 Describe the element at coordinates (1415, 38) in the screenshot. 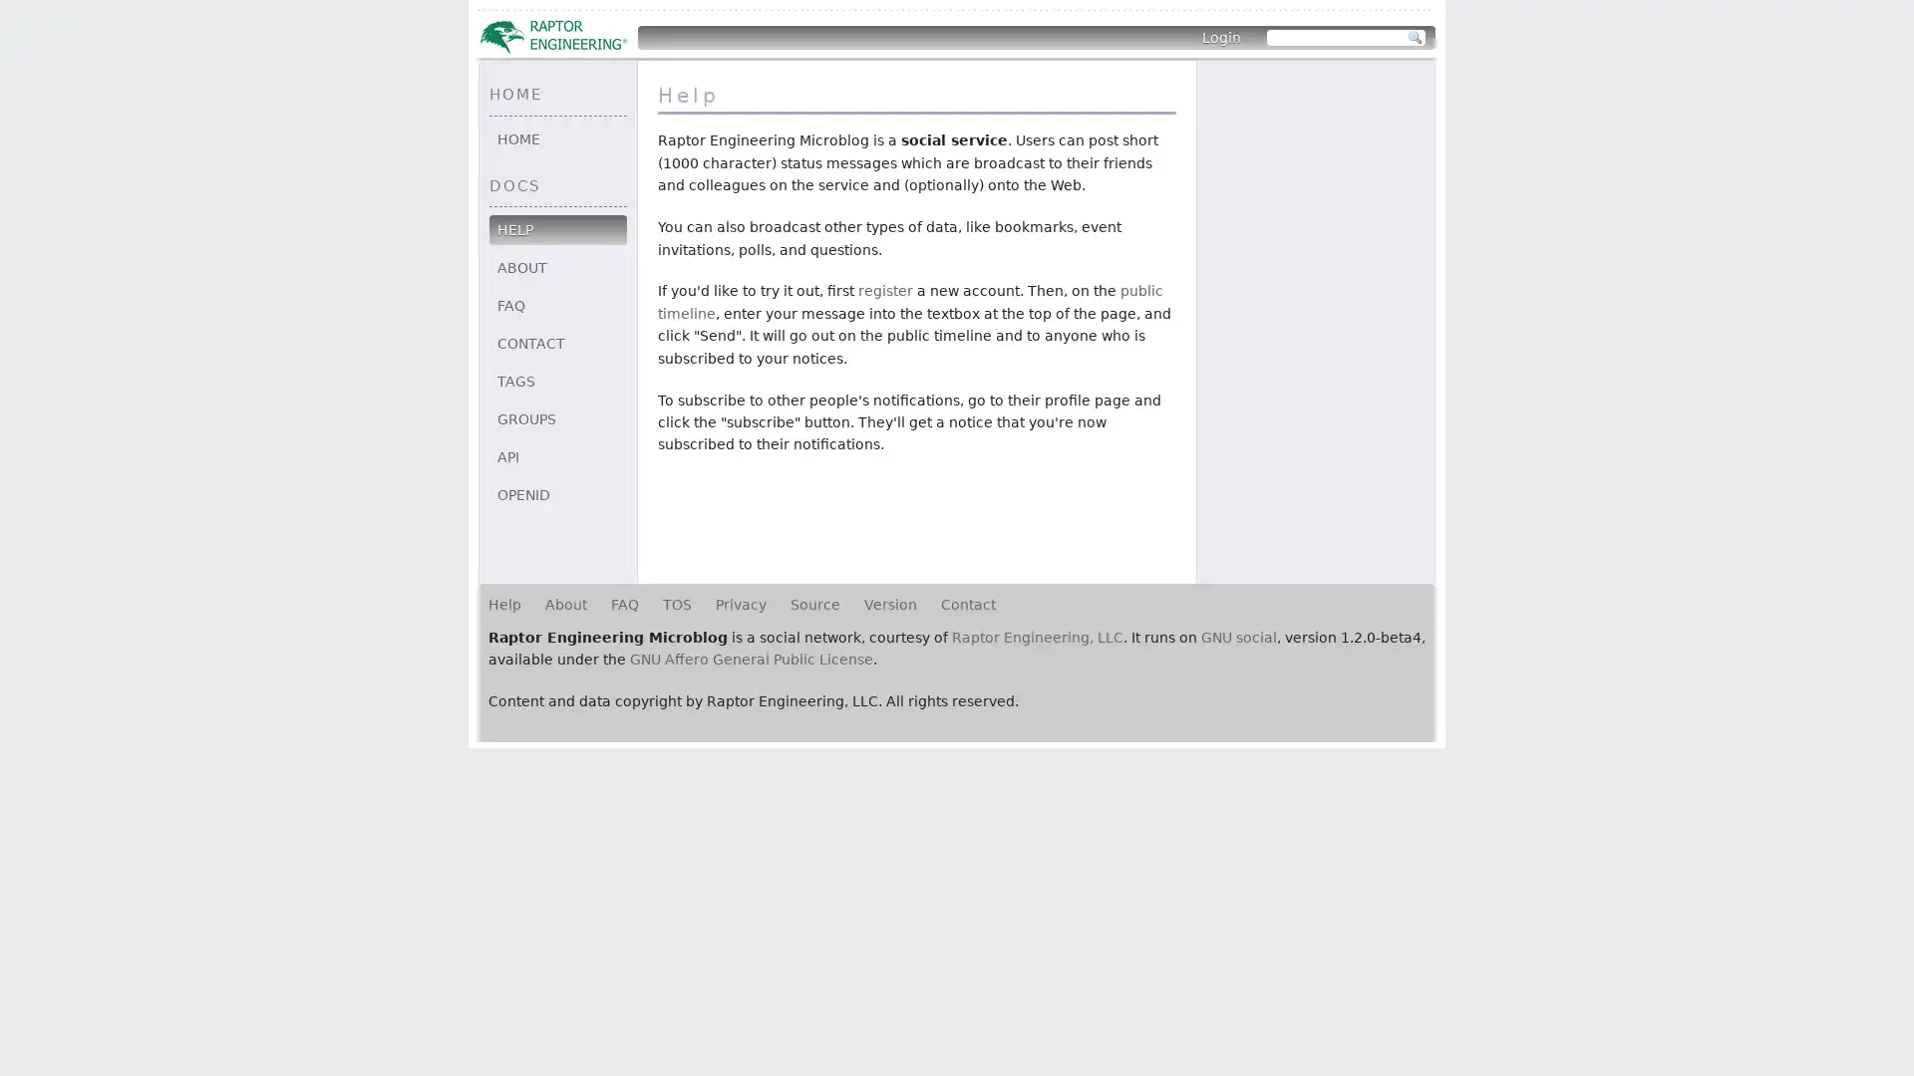

I see `Search` at that location.